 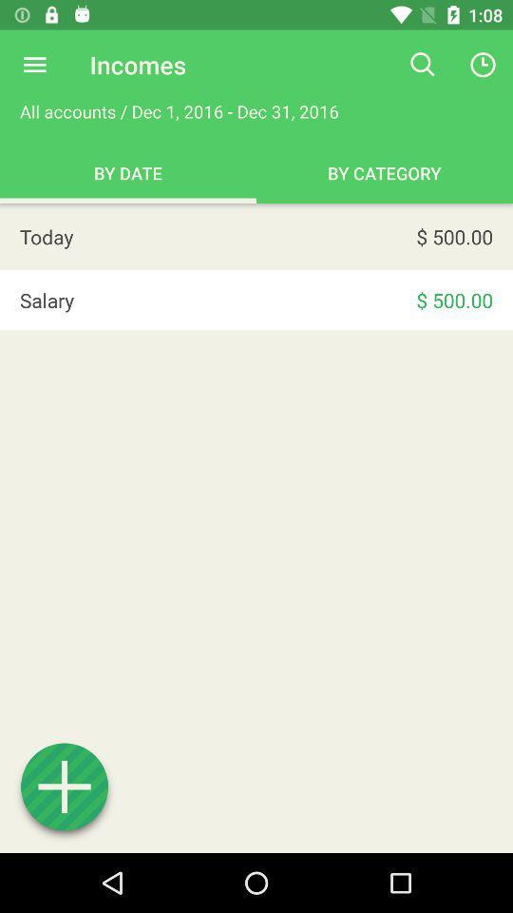 What do you see at coordinates (34, 65) in the screenshot?
I see `open menu` at bounding box center [34, 65].